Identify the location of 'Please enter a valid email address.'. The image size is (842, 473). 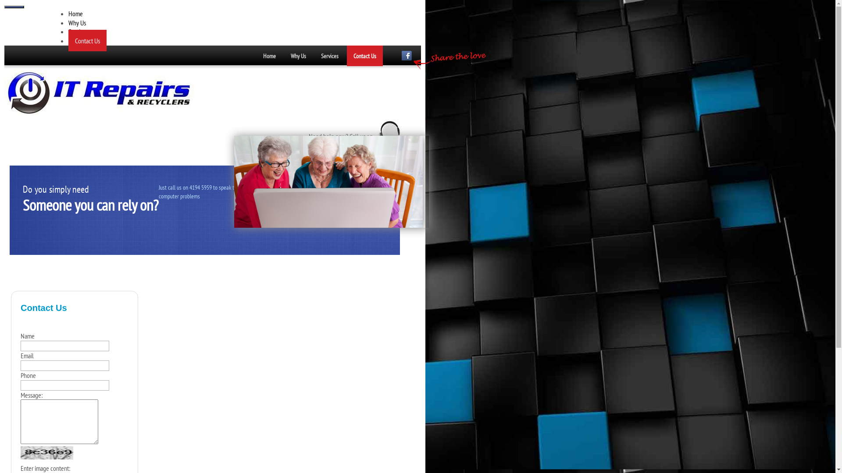
(64, 365).